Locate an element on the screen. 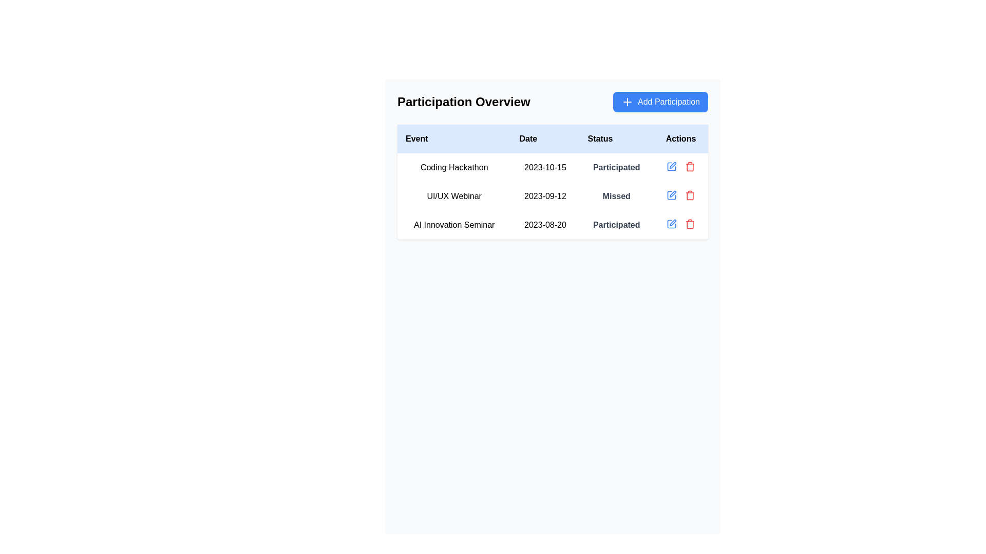  the static text label displaying 'Coding Hackathon', located in the first row under the 'Event' column of the table is located at coordinates (453, 167).